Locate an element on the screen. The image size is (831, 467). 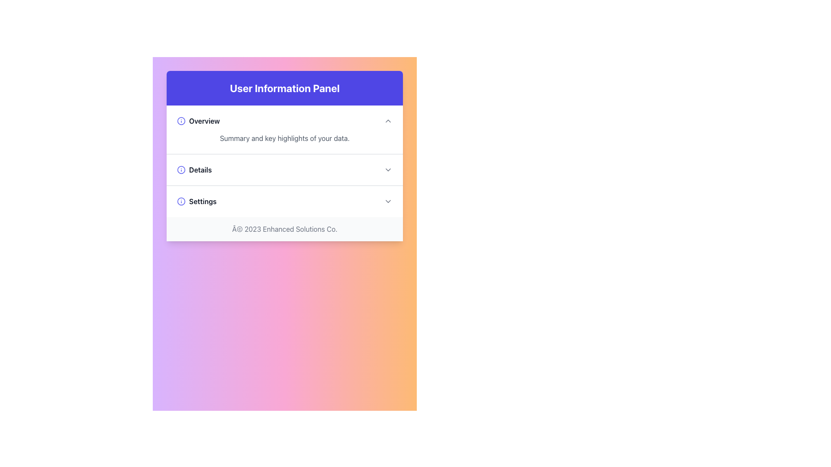
the circular icon with a blue outline and white fill, which contains a minimalistic 'i' design, located to the left of the 'Settings' label in the header of the Settings section is located at coordinates (180, 202).